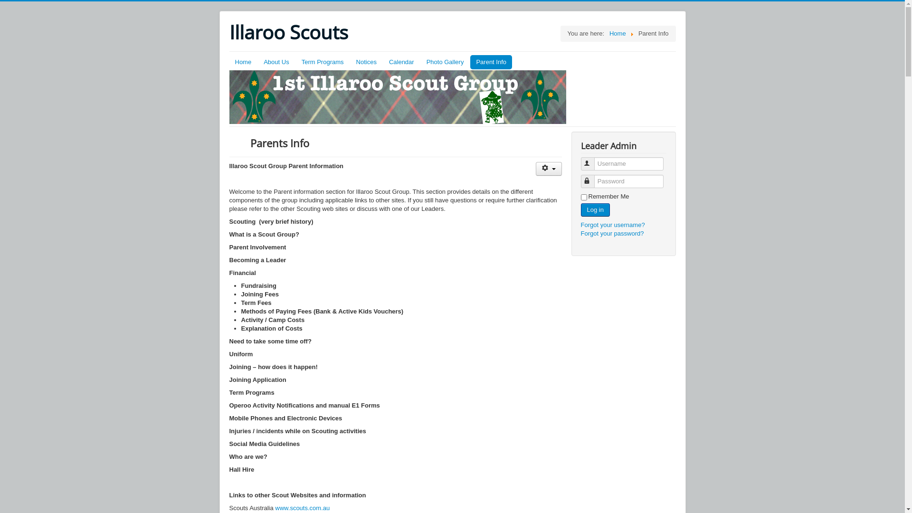  Describe the element at coordinates (401, 62) in the screenshot. I see `'Calendar'` at that location.